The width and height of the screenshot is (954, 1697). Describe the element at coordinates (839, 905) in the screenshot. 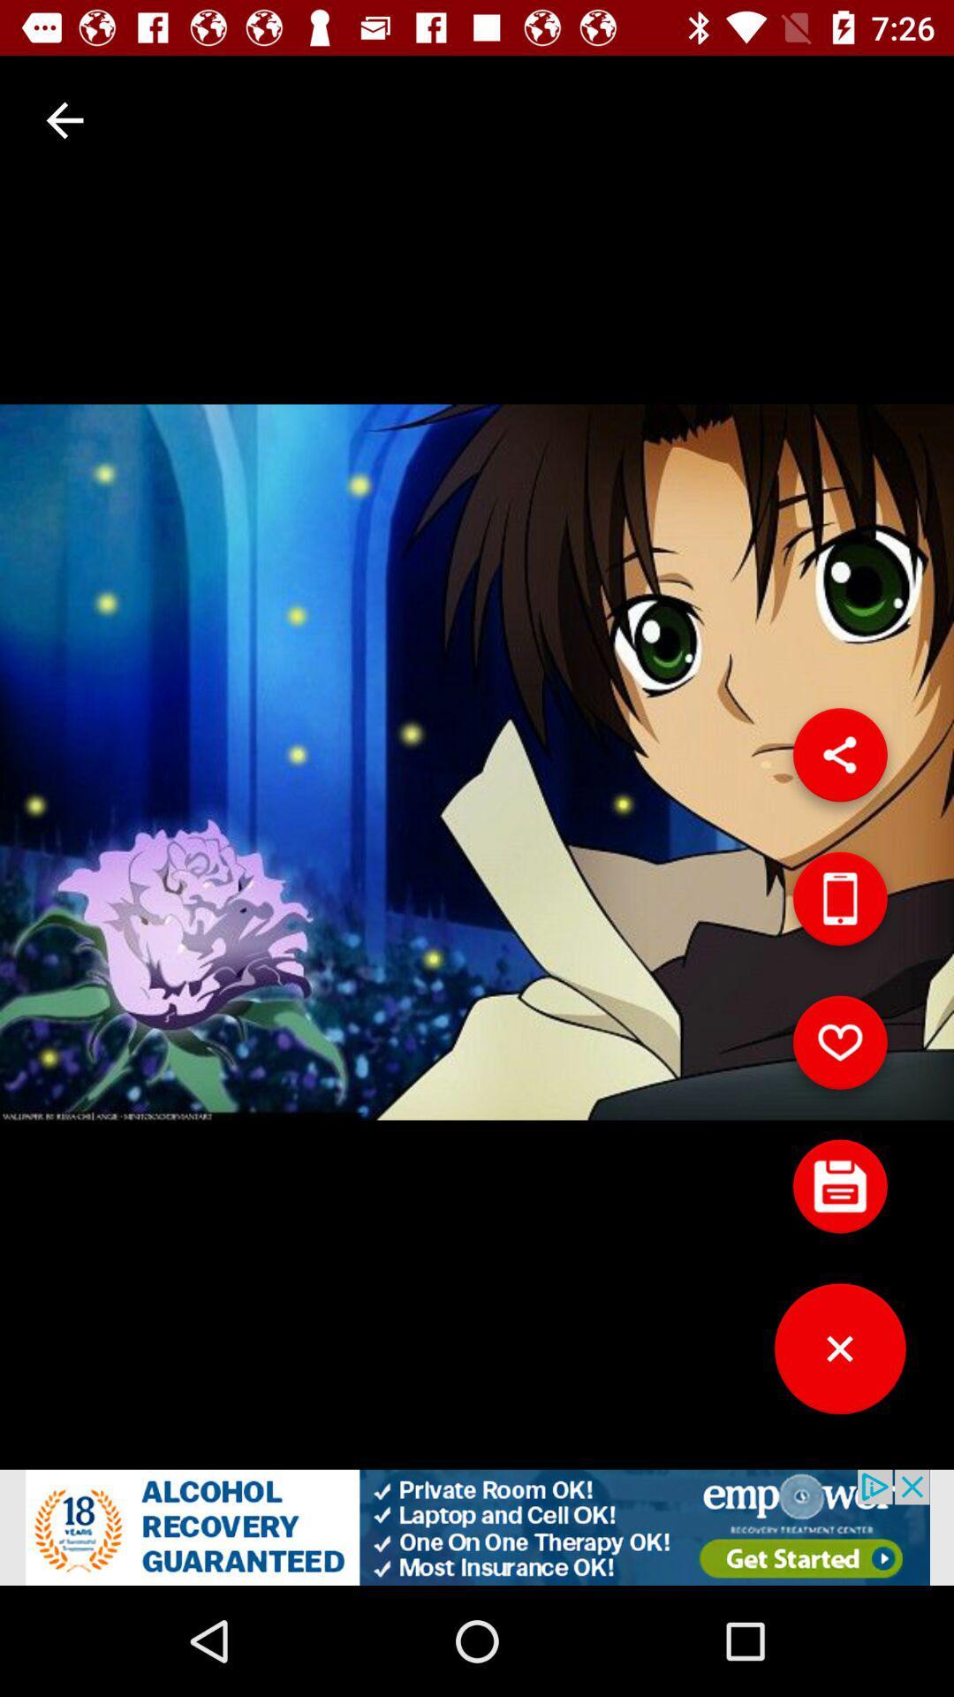

I see `phone button` at that location.